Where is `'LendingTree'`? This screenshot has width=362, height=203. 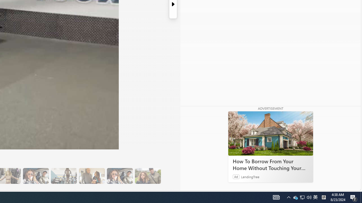
'LendingTree' is located at coordinates (250, 176).